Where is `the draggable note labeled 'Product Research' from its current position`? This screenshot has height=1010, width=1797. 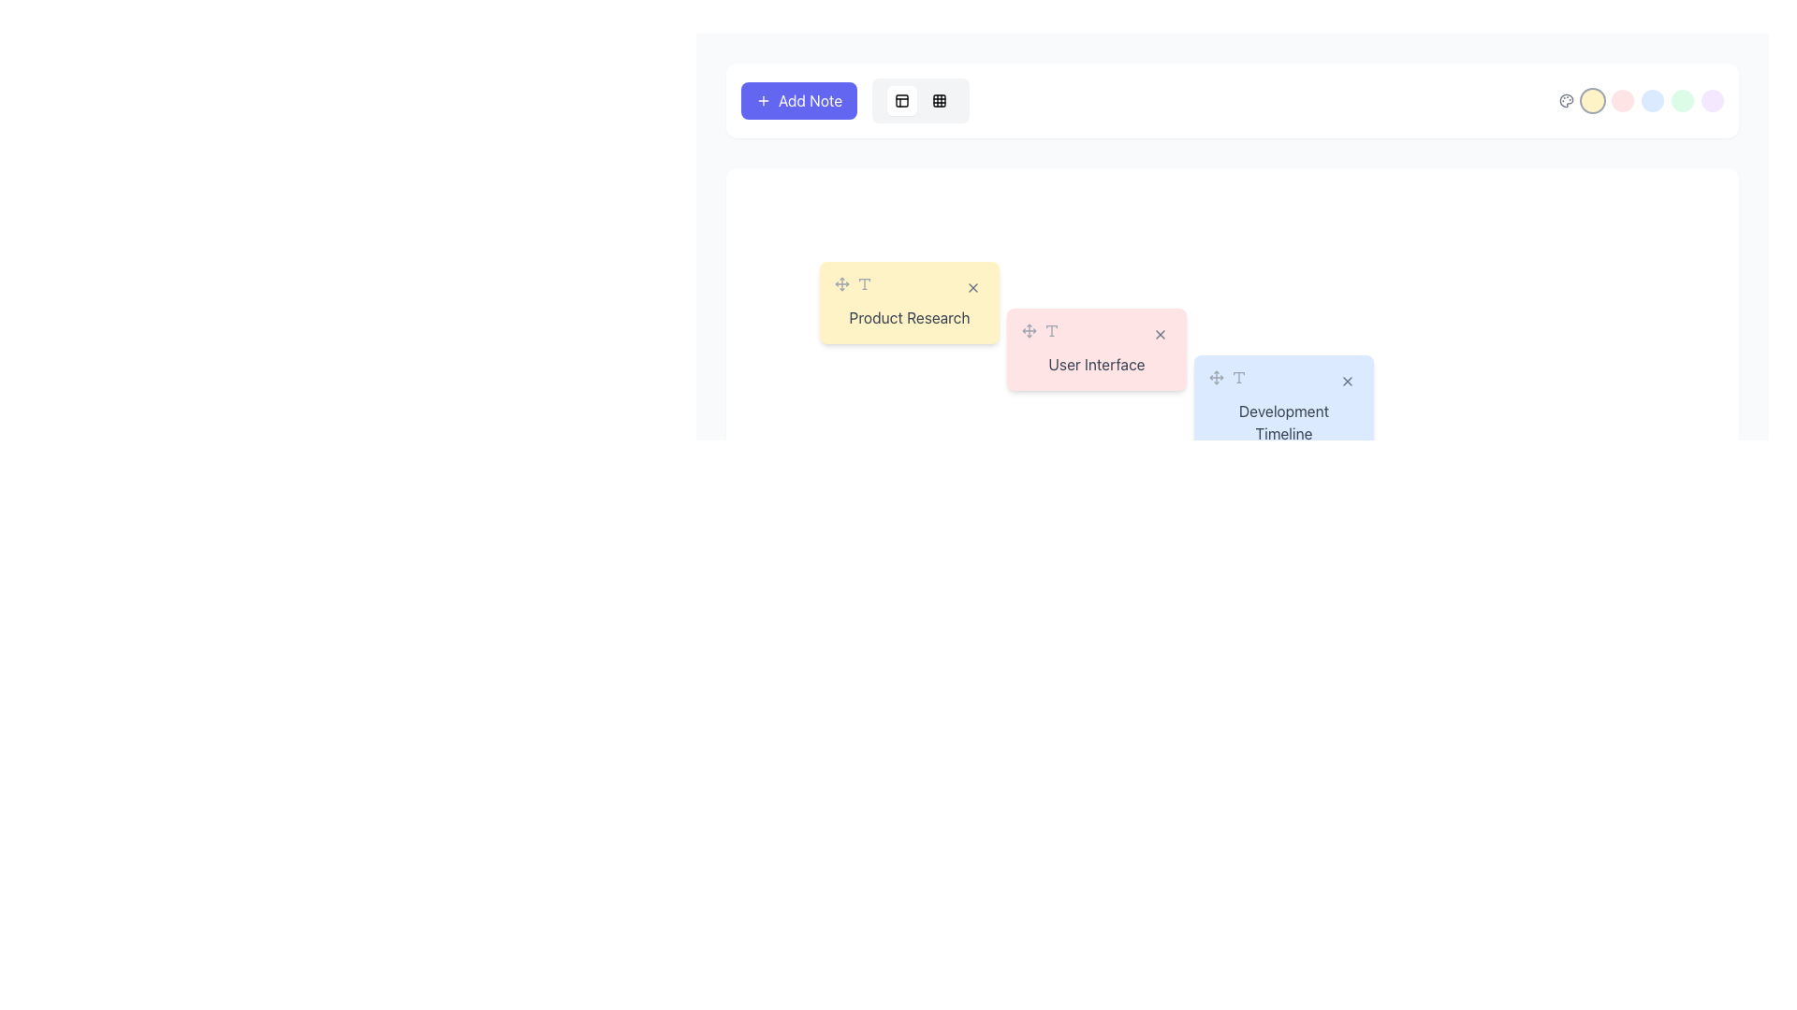 the draggable note labeled 'Product Research' from its current position is located at coordinates (909, 302).